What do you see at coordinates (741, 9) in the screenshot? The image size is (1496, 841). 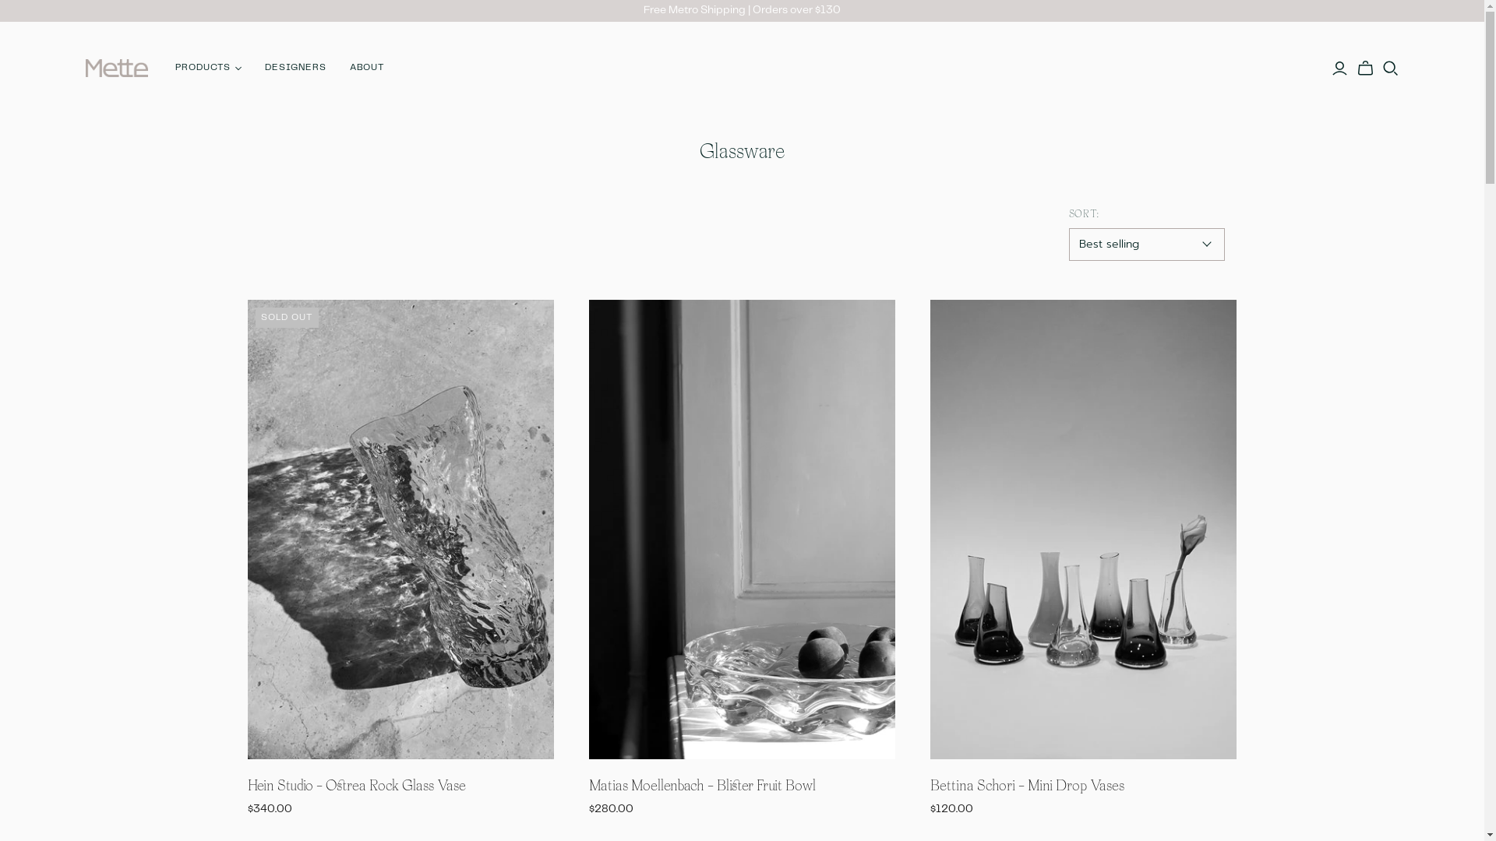 I see `'Free Metro Shipping | Orders over $130'` at bounding box center [741, 9].